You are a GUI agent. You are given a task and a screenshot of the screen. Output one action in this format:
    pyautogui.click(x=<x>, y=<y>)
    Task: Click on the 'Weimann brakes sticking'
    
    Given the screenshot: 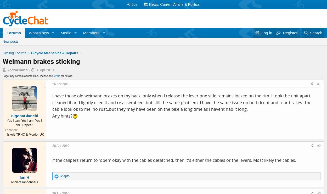 What is the action you would take?
    pyautogui.click(x=41, y=61)
    